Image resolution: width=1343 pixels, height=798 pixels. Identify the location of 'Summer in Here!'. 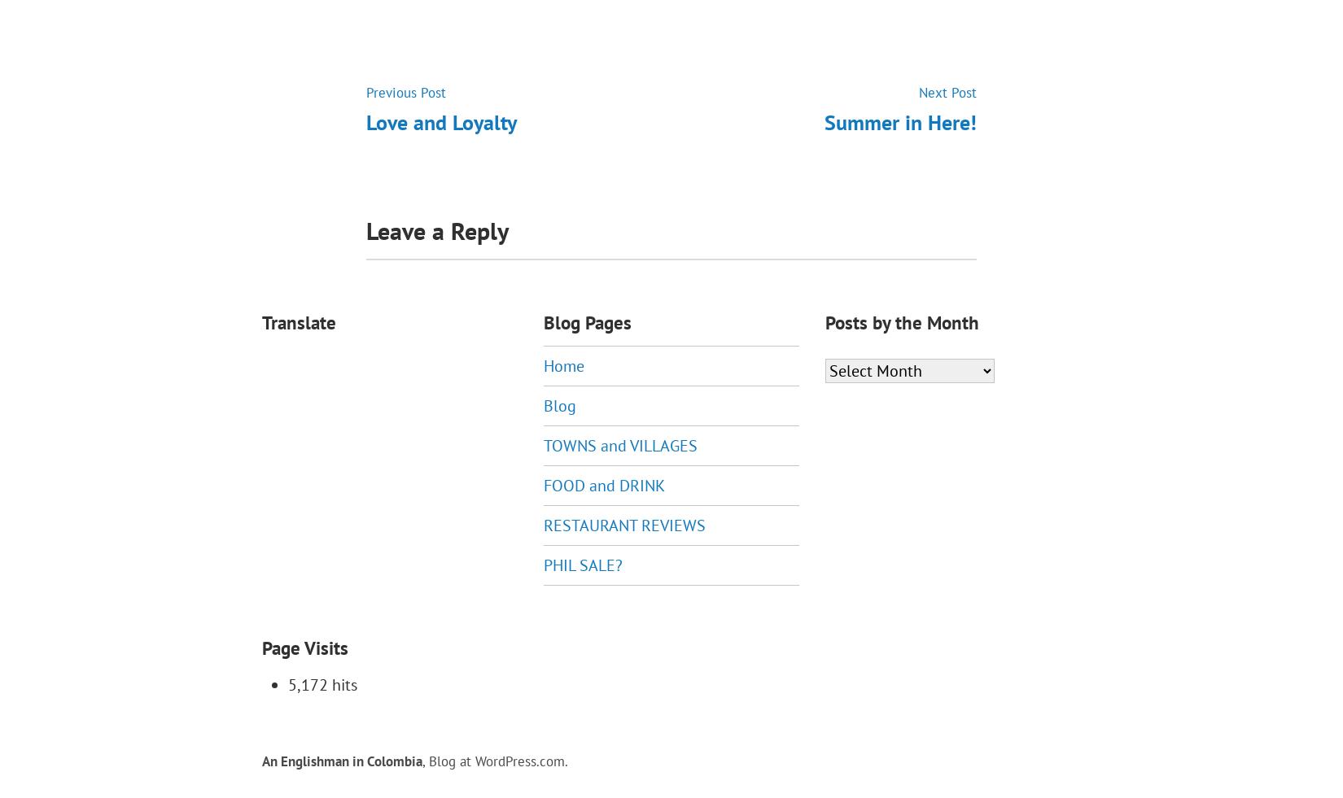
(900, 120).